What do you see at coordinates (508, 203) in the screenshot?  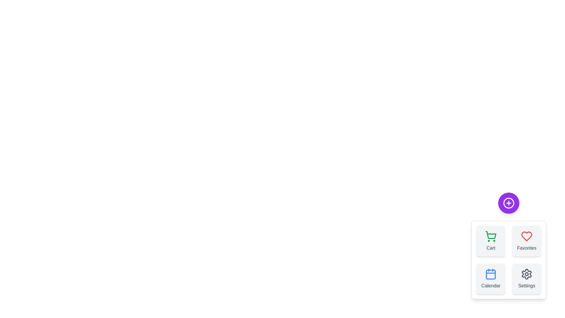 I see `the speed dial button to toggle the menu` at bounding box center [508, 203].